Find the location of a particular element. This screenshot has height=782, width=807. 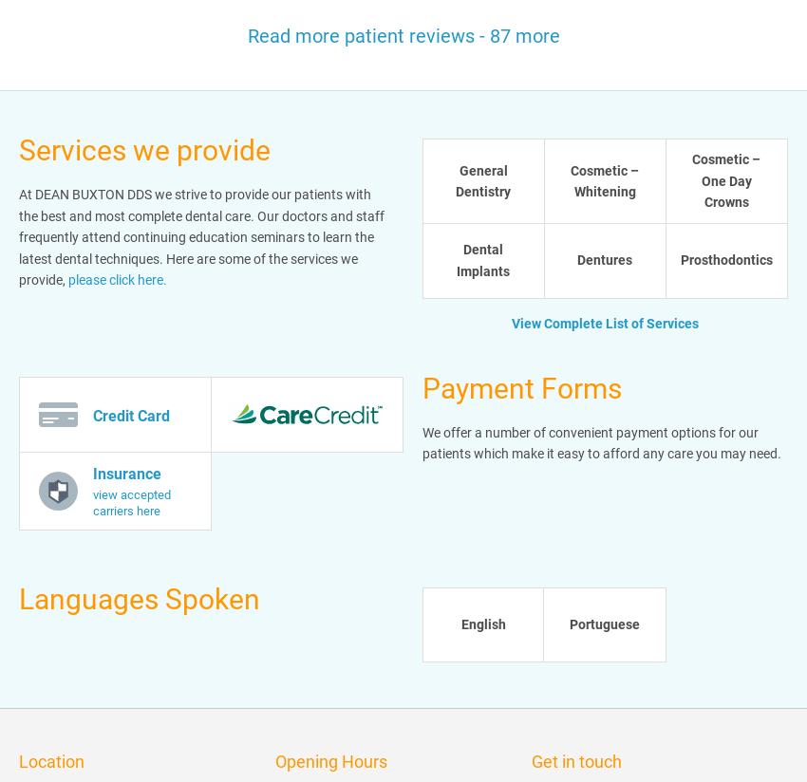

'view accepted carriers here' is located at coordinates (131, 502).